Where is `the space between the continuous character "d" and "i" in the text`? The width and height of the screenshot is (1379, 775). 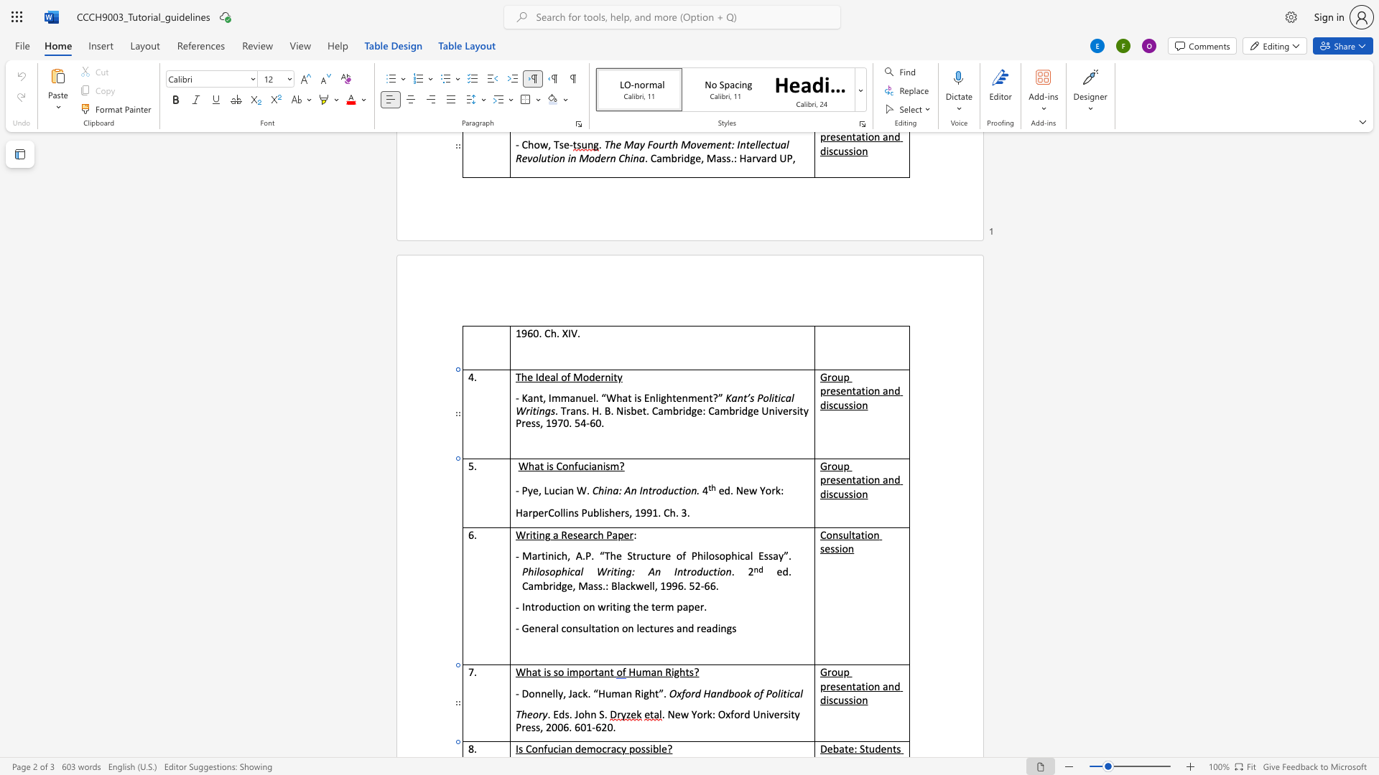 the space between the continuous character "d" and "i" in the text is located at coordinates (825, 405).